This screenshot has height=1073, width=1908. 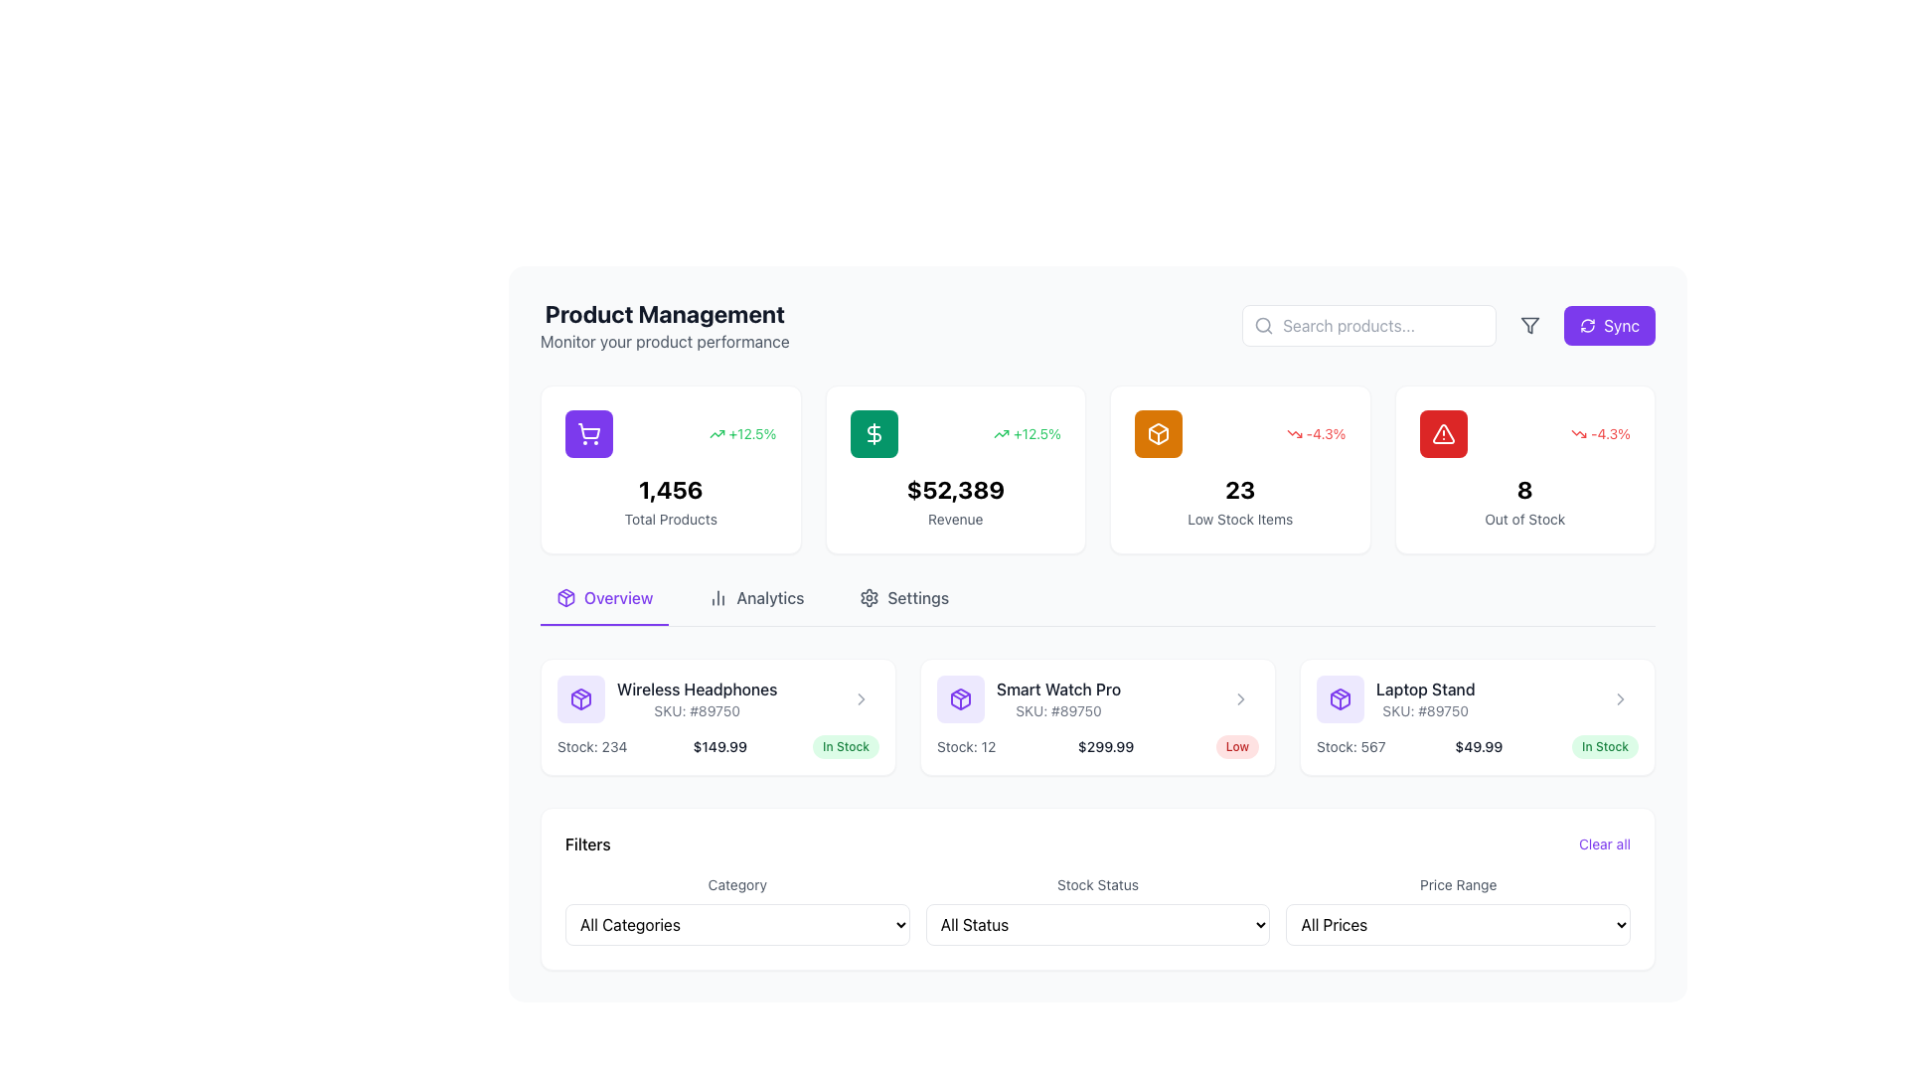 I want to click on the price display for the 'Smart Watch Pro', which is a non-interactive static text element located below the product section and flanked by stock quantity and status badge, so click(x=1105, y=747).